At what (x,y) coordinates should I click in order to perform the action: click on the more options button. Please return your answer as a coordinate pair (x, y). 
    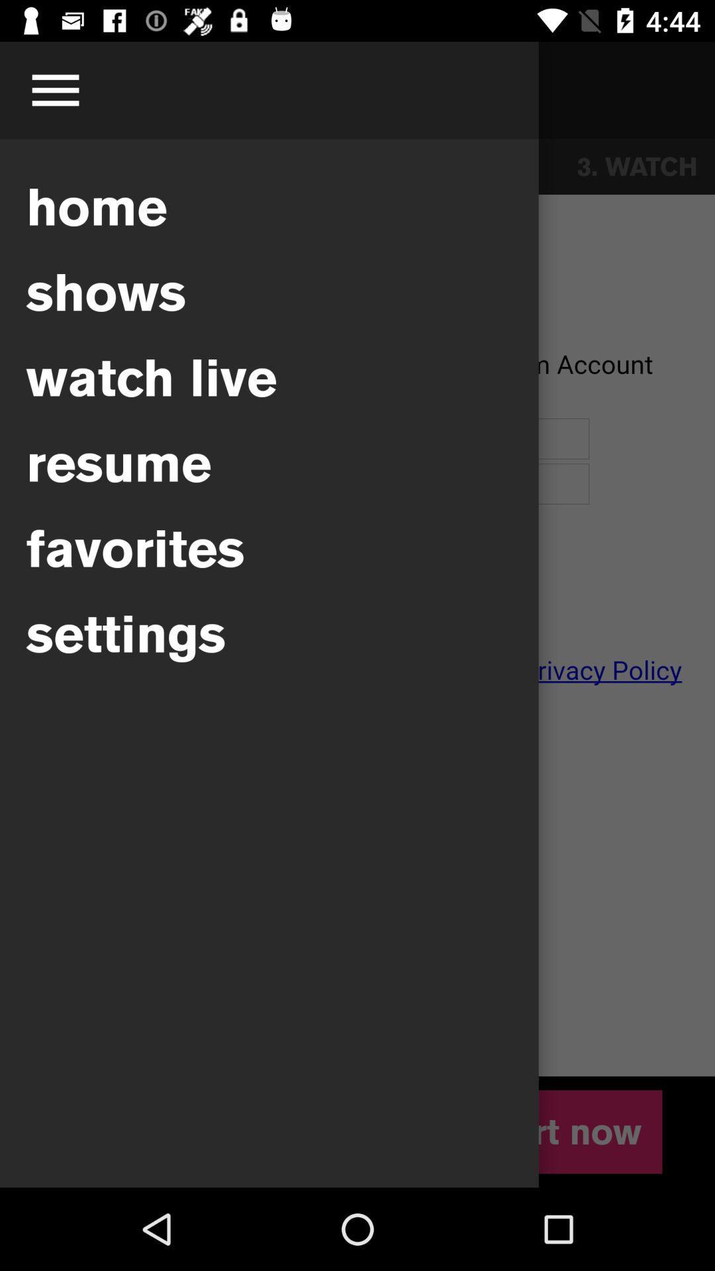
    Looking at the image, I should click on (55, 90).